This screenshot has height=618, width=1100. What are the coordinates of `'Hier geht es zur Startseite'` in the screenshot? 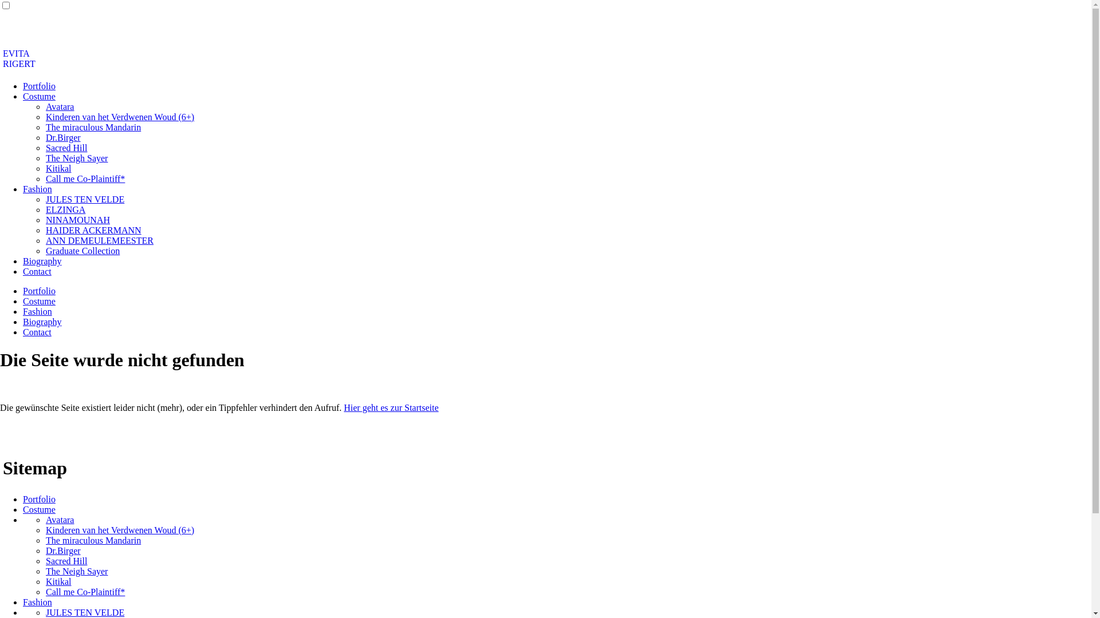 It's located at (391, 407).